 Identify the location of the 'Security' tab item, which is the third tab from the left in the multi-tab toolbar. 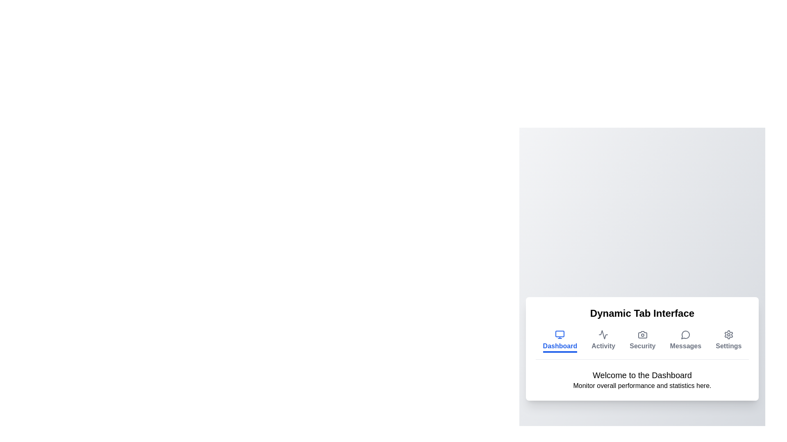
(641, 344).